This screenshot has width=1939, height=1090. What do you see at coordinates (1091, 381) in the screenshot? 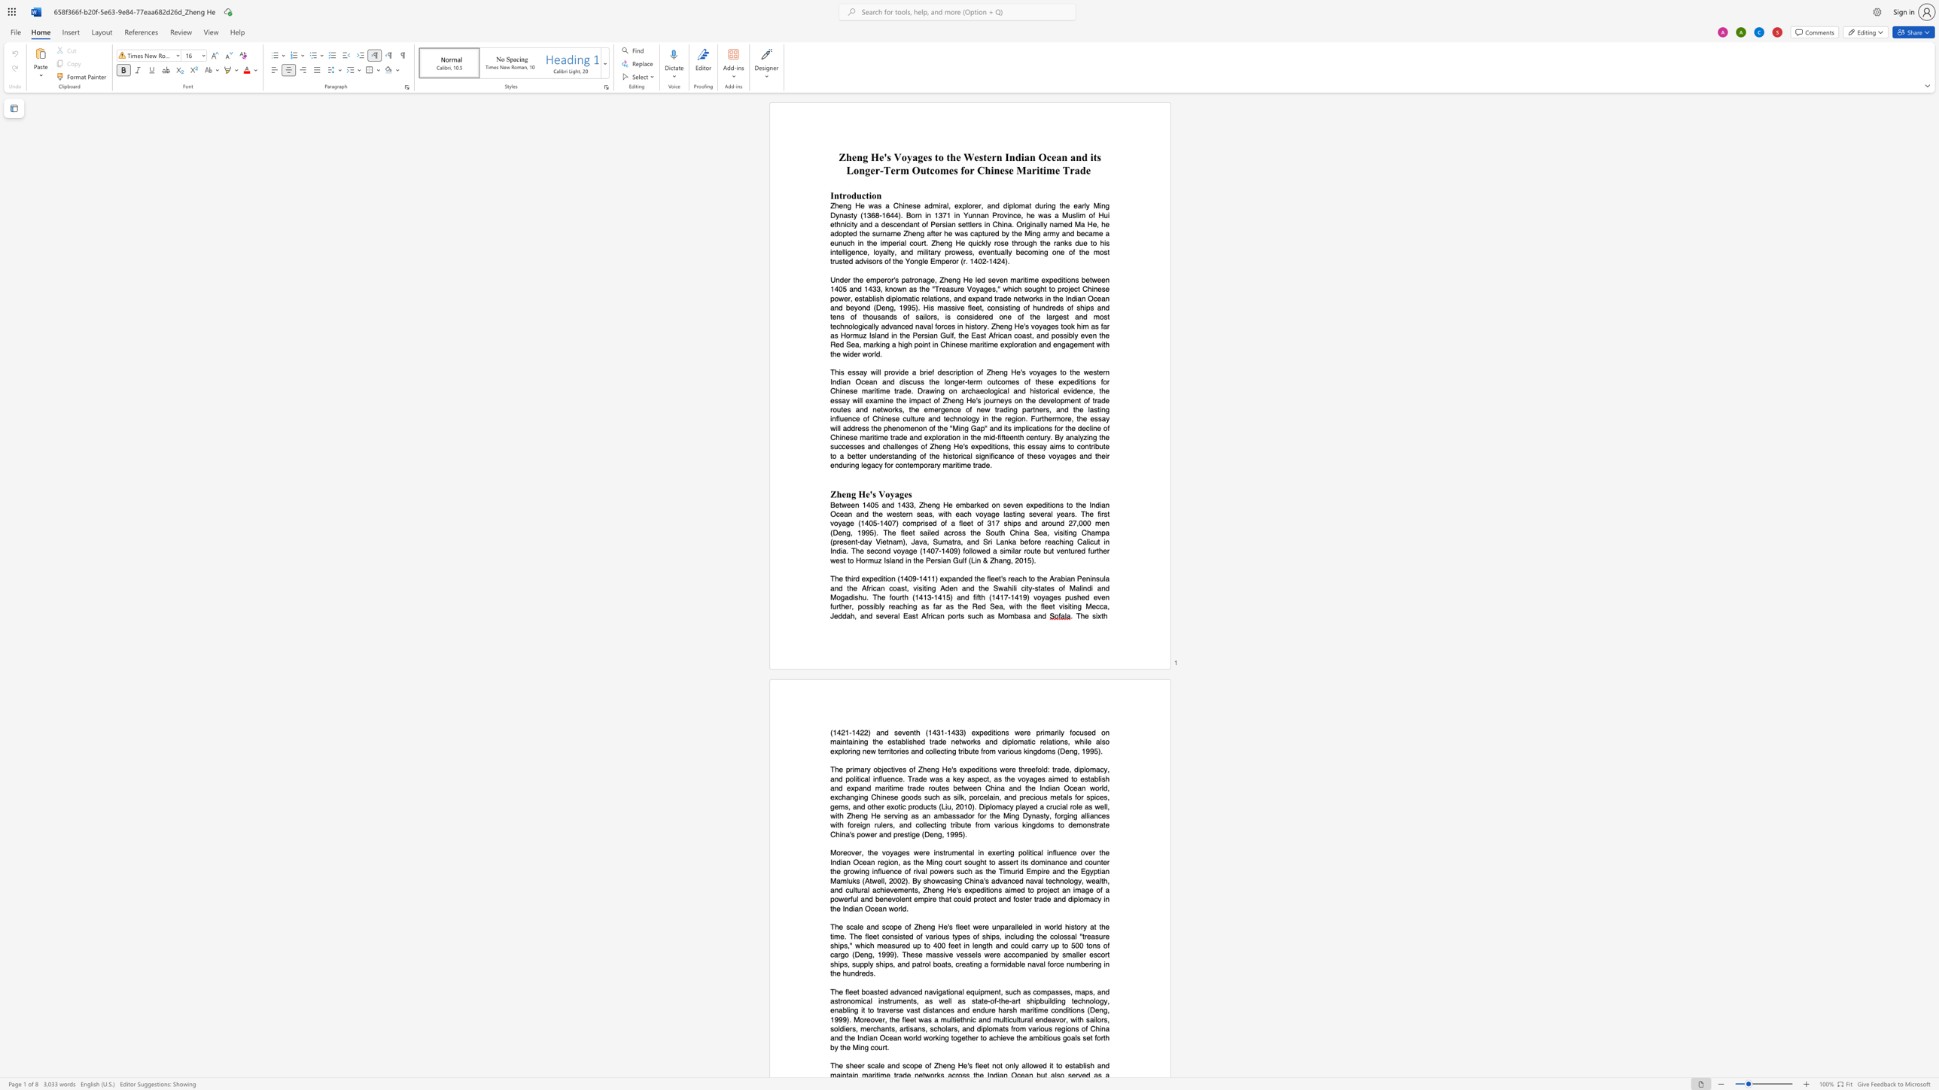
I see `the subset text "s for Chinese maritime trade. Drawing on archaeological and historical evidence, the essay will examine the impact of Zheng He" within the text "This essay will provide a brief description of Zheng He"` at bounding box center [1091, 381].